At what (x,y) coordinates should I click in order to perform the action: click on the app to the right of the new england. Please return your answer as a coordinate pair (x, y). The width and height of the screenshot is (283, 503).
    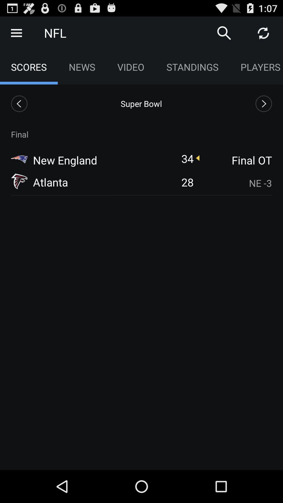
    Looking at the image, I should click on (187, 158).